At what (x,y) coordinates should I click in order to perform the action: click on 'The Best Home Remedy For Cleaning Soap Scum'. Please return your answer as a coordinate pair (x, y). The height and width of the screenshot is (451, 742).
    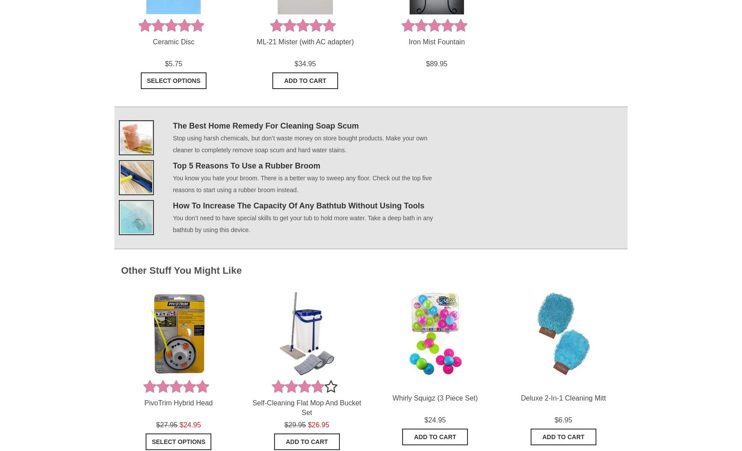
    Looking at the image, I should click on (265, 125).